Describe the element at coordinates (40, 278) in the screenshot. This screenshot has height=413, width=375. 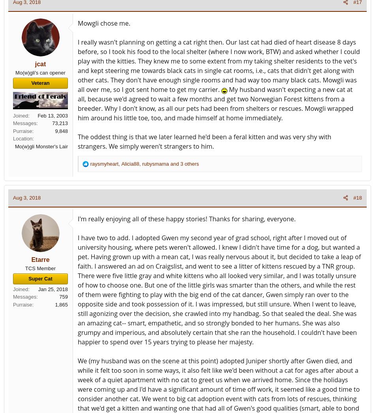
I see `'Super Cat'` at that location.